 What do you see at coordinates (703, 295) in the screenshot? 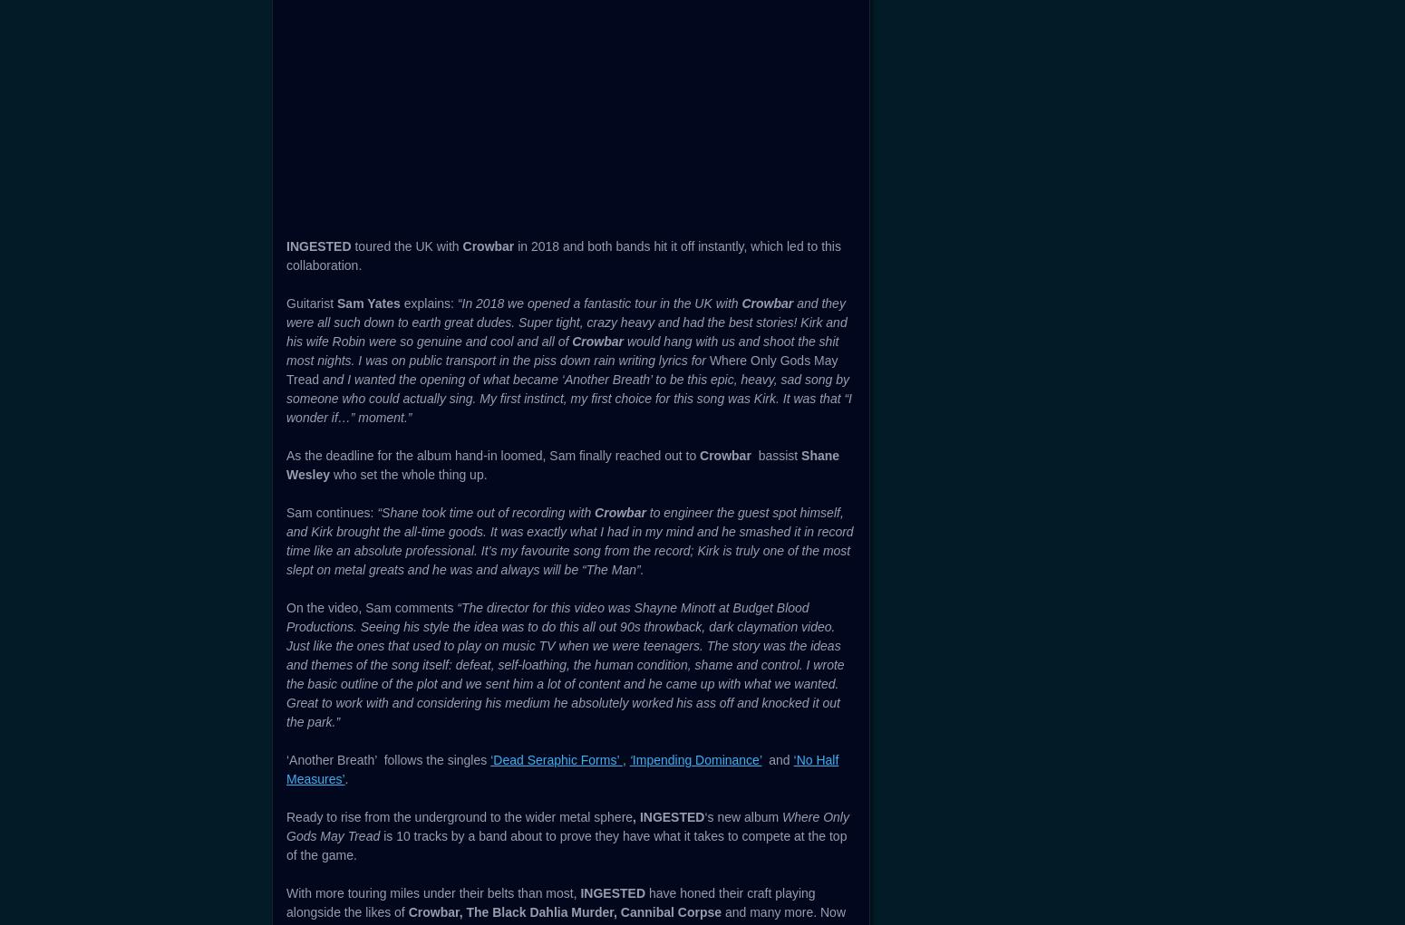
I see `'‘Another Breath’'` at bounding box center [703, 295].